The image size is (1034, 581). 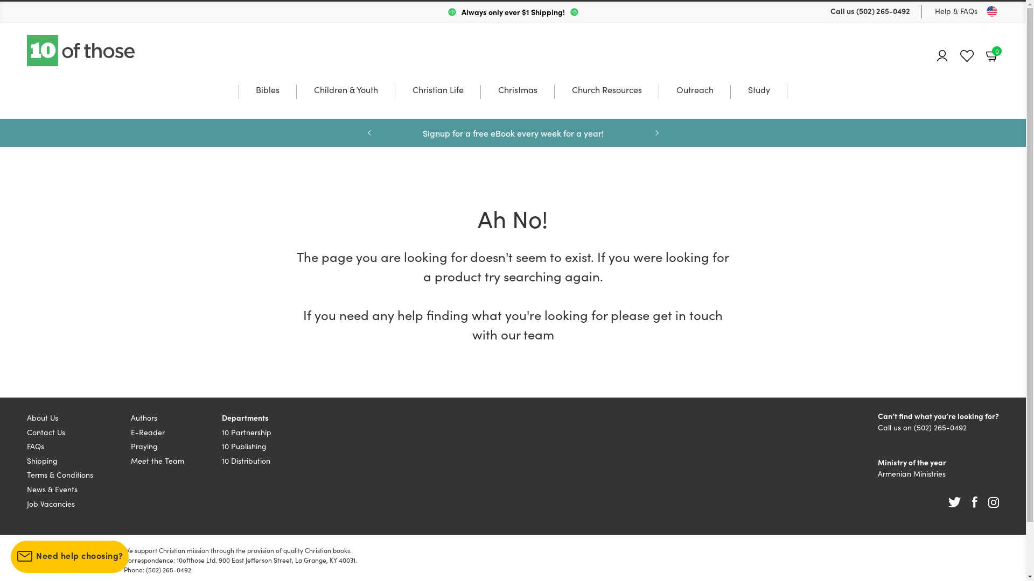 What do you see at coordinates (993, 502) in the screenshot?
I see `'Instagram'` at bounding box center [993, 502].